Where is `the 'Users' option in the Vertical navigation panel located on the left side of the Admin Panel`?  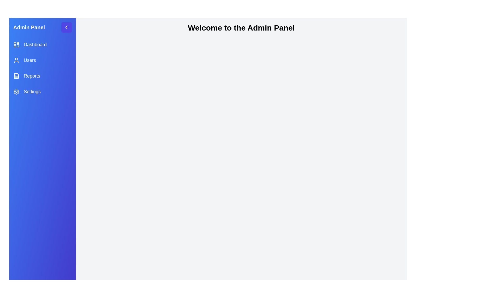
the 'Users' option in the Vertical navigation panel located on the left side of the Admin Panel is located at coordinates (43, 68).